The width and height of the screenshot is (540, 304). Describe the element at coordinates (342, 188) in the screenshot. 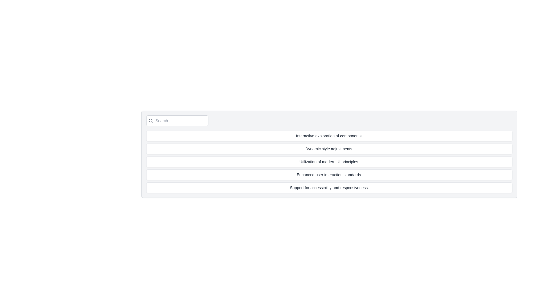

I see `the letter 'e' in the word 'responsiveness' at the end of the phrase 'Support for accessibility and responsiveness.'` at that location.